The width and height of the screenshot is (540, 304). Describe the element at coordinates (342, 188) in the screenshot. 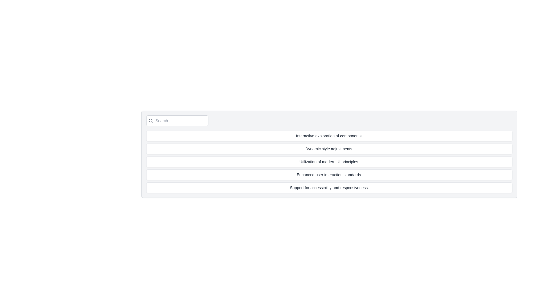

I see `the letter 'e' in the word 'responsiveness' at the end of the phrase 'Support for accessibility and responsiveness.'` at that location.